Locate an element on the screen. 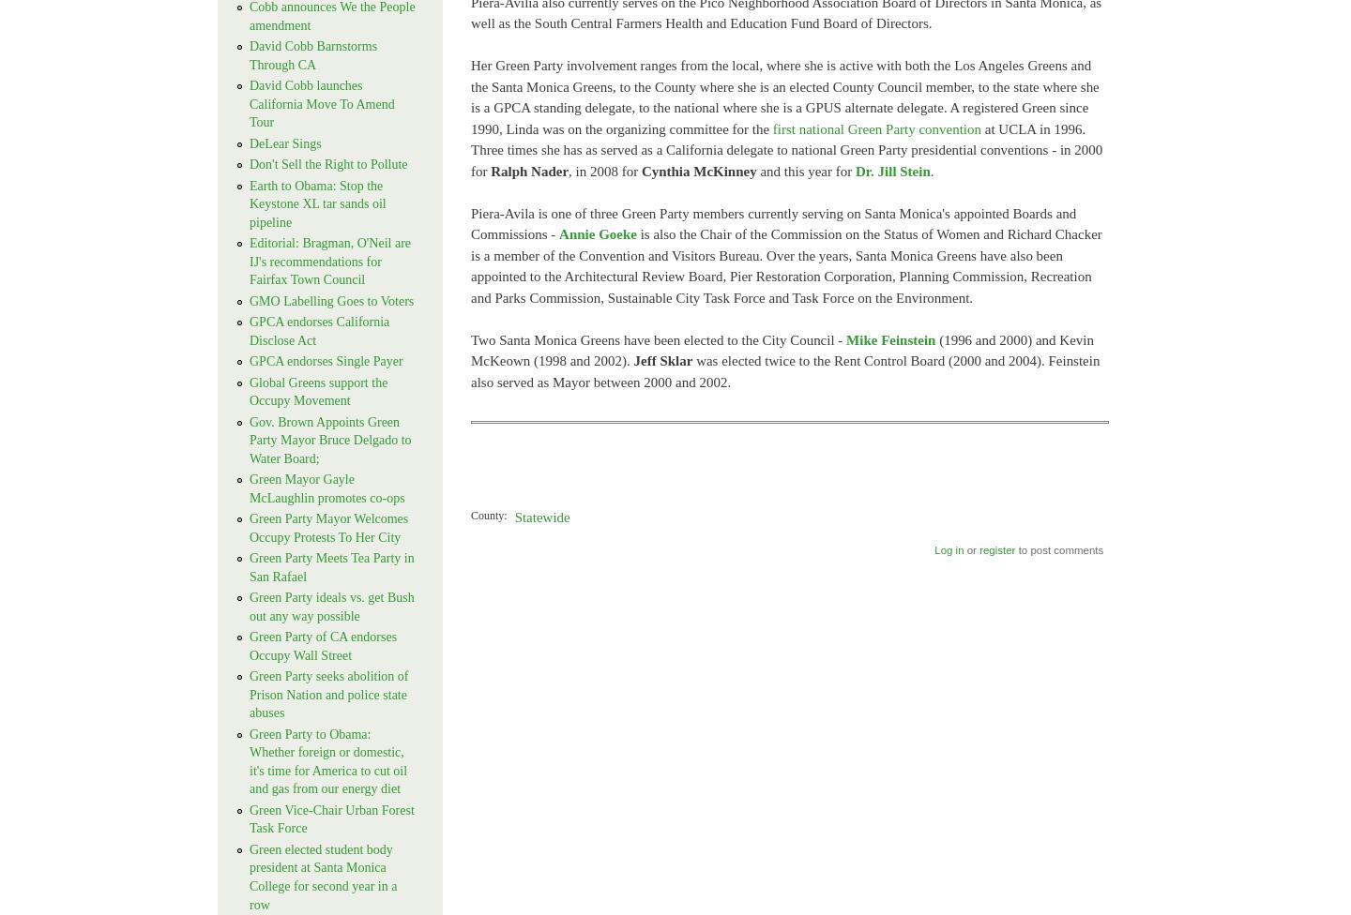  'Cynthia McKinney' is located at coordinates (697, 170).